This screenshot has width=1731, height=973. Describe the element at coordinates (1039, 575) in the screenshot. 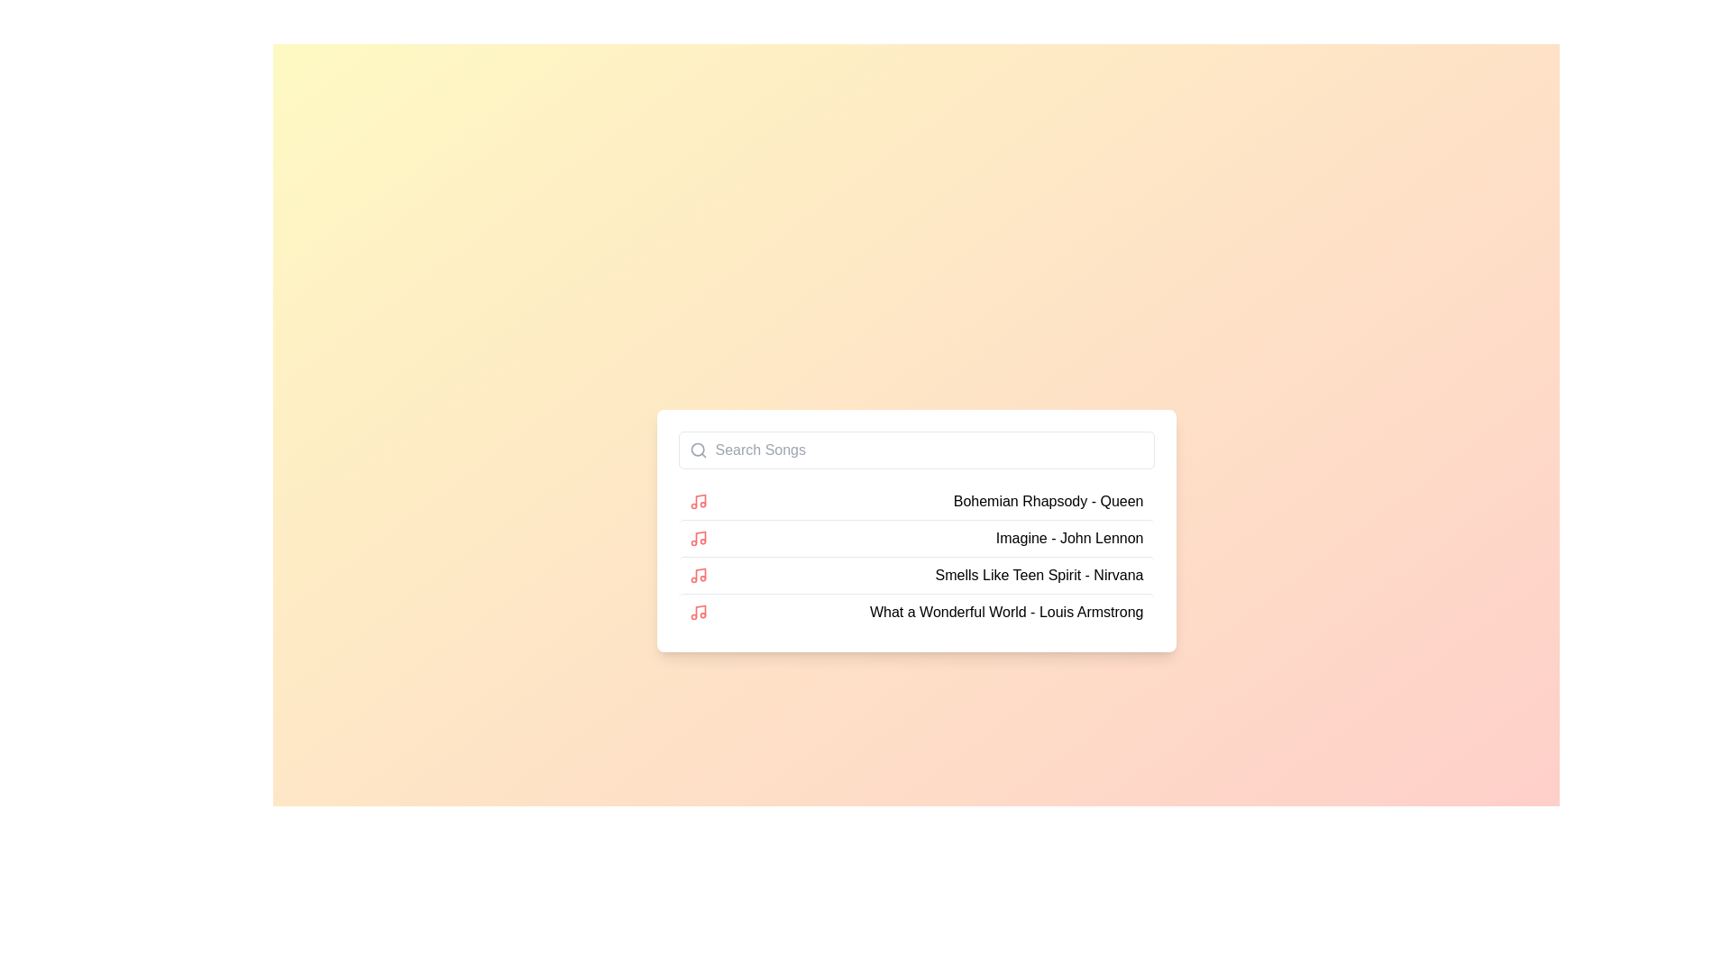

I see `to select the song 'Smells Like Teen Spirit' by Nirvana from the list of songs, which is the third item in the vertical list` at that location.